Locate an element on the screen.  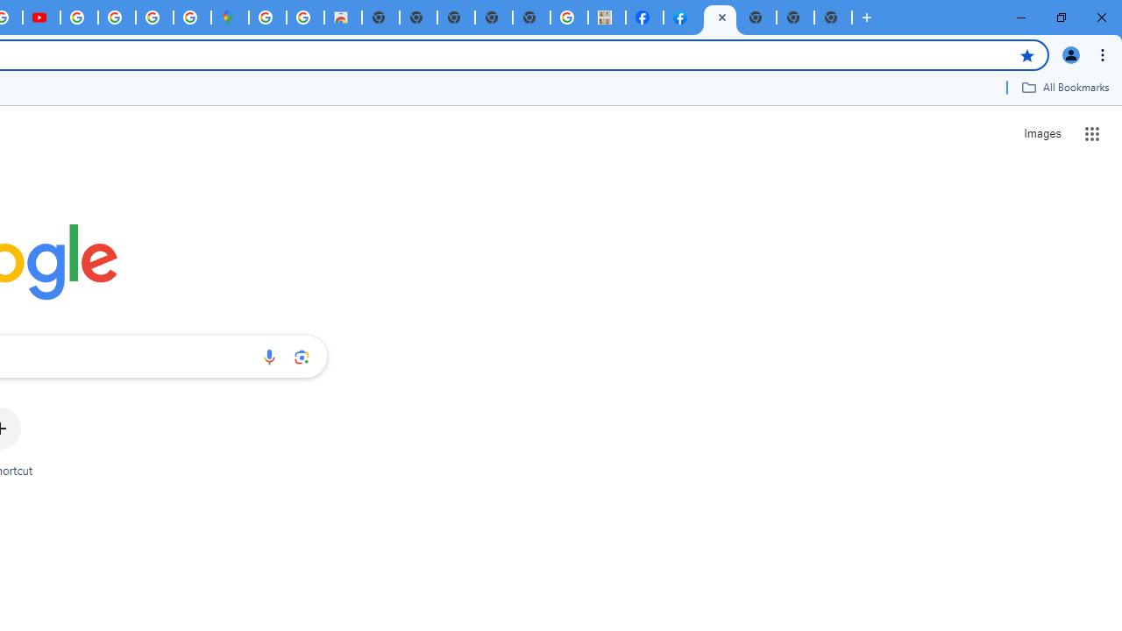
'Search by voice' is located at coordinates (268, 356).